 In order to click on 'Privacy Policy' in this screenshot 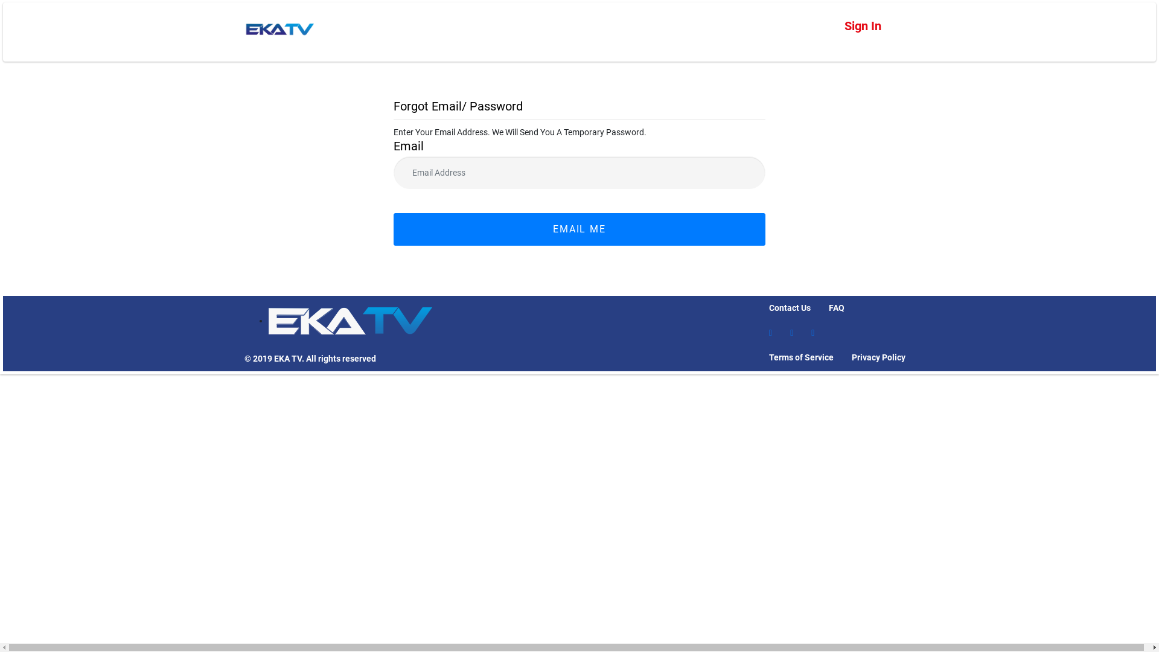, I will do `click(878, 357)`.